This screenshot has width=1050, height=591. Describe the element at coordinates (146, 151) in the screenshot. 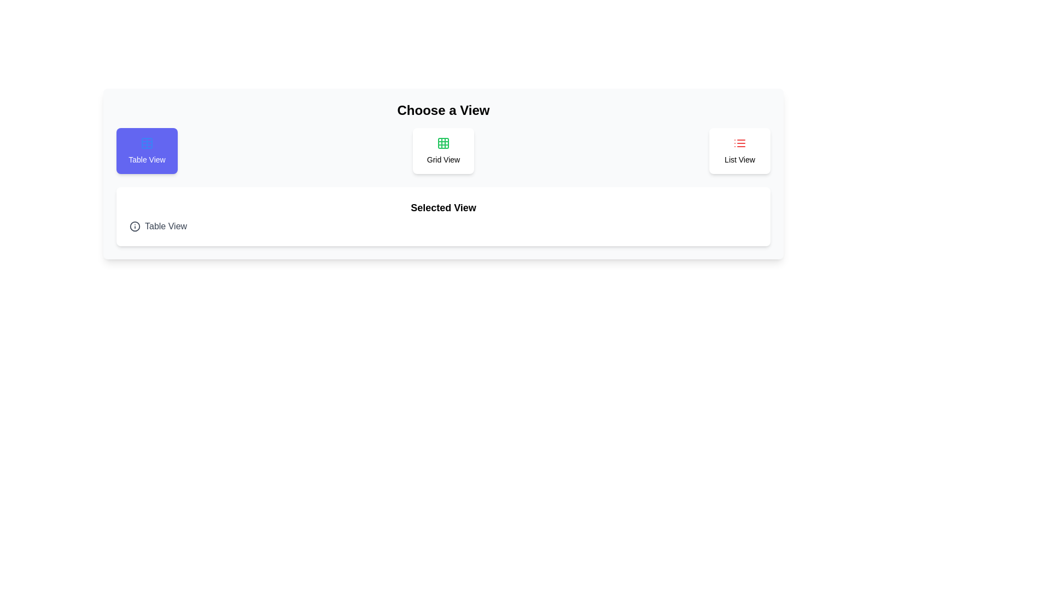

I see `the indigo blue 'Table View' button with a table icon and white text` at that location.